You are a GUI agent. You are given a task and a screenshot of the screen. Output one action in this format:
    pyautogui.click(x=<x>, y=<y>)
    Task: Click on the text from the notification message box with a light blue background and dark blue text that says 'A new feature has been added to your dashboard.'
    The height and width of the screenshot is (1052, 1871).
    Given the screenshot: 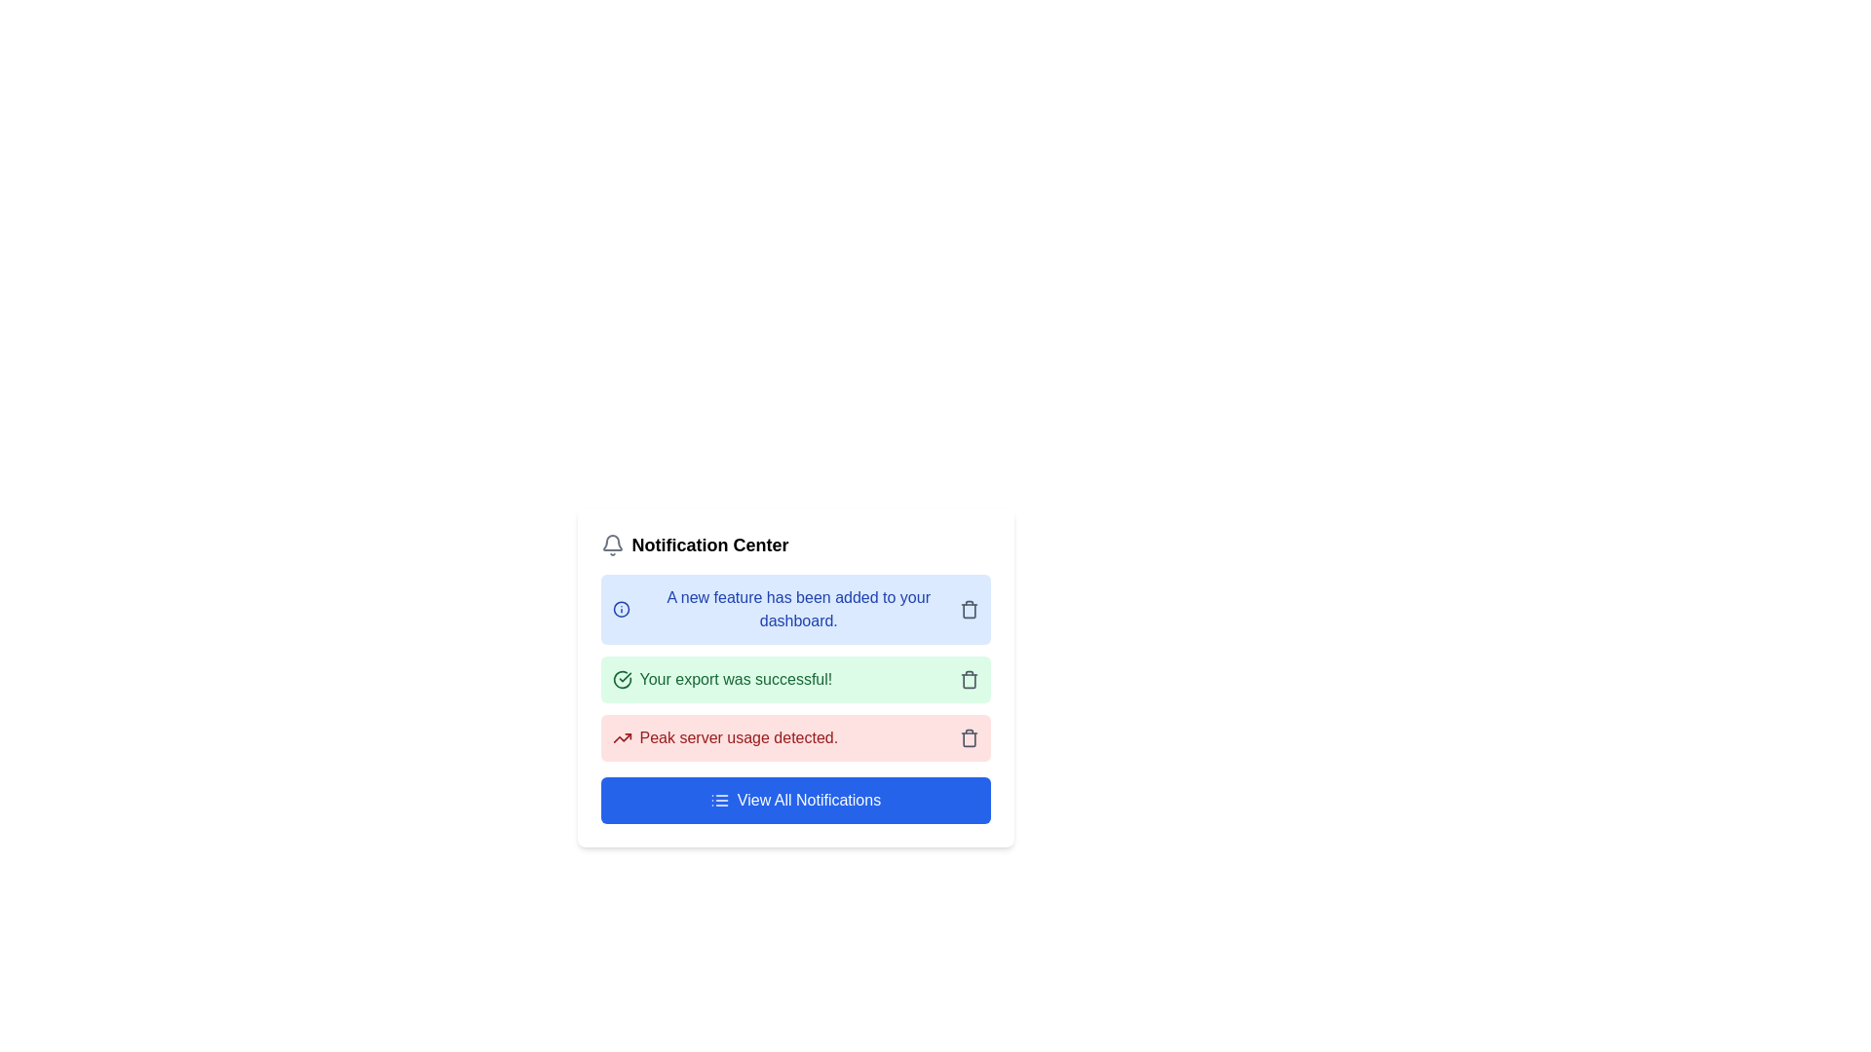 What is the action you would take?
    pyautogui.click(x=785, y=608)
    